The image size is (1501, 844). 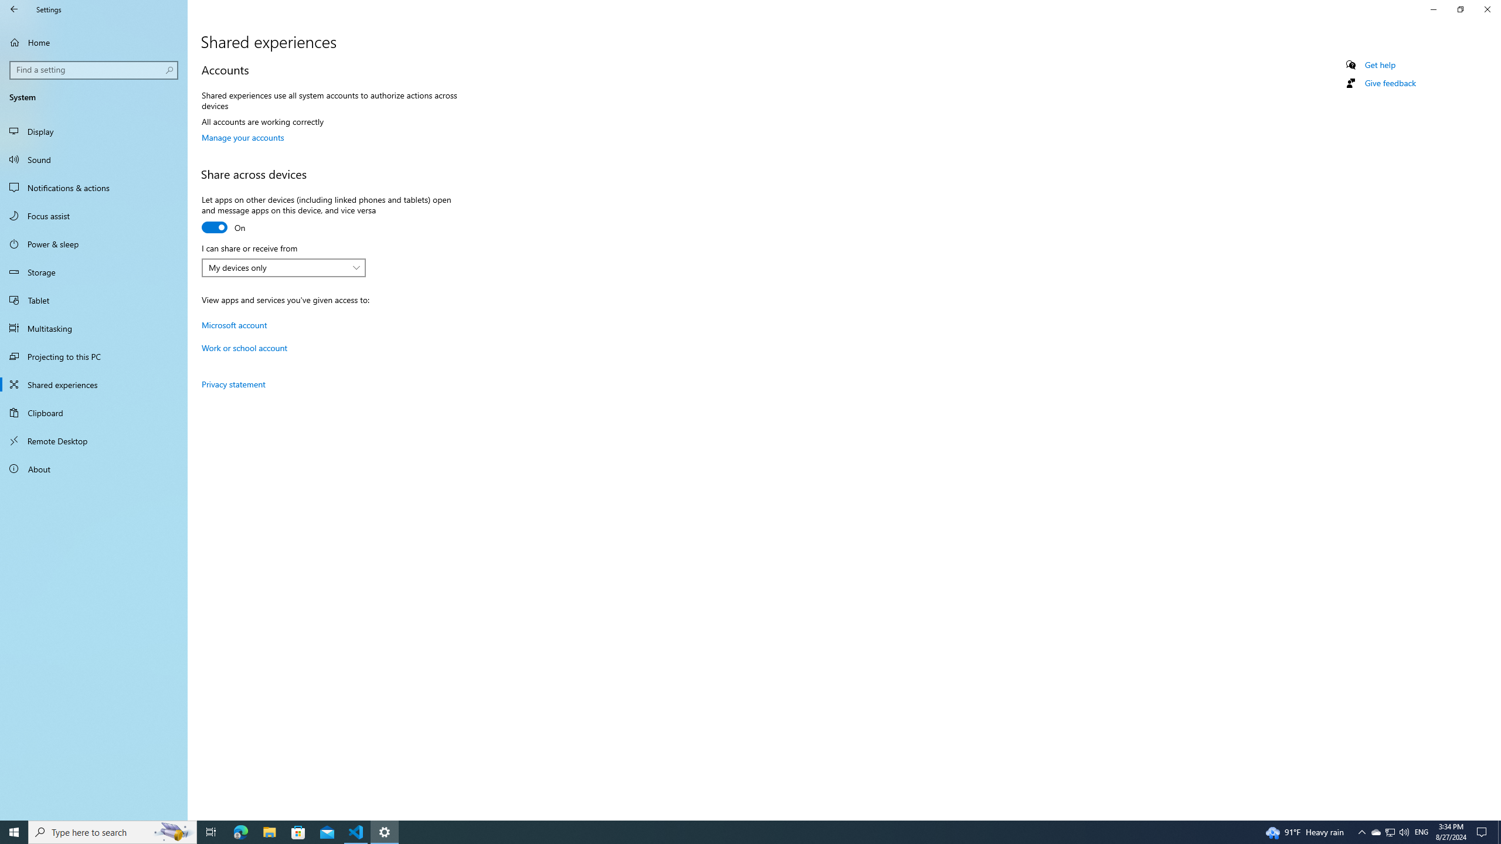 What do you see at coordinates (298, 831) in the screenshot?
I see `'Microsoft Store'` at bounding box center [298, 831].